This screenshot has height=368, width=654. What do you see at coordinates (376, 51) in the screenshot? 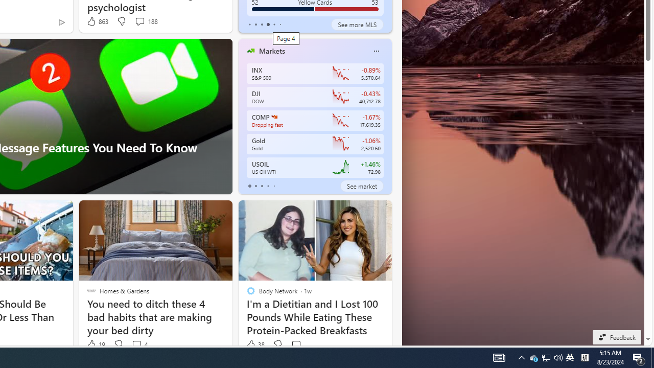
I see `'Class: icon-img'` at bounding box center [376, 51].